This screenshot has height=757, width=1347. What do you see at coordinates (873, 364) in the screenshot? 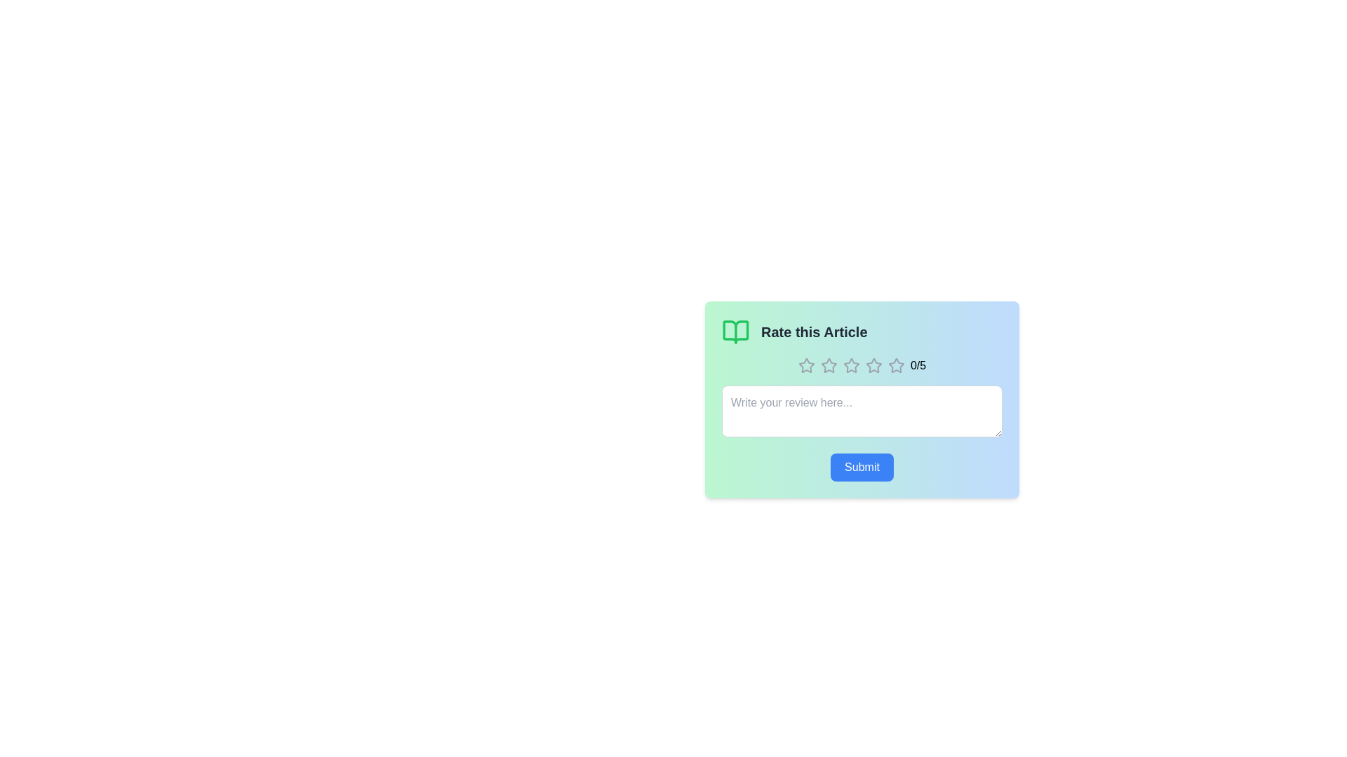
I see `the star corresponding to the rating 4` at bounding box center [873, 364].